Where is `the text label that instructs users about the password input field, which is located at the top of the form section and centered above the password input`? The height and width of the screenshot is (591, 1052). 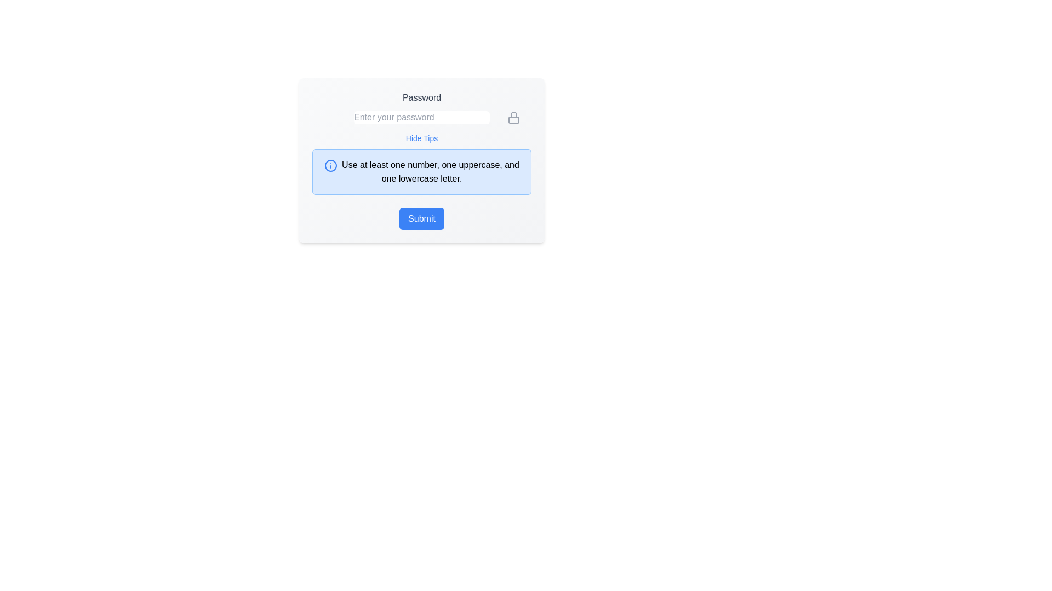
the text label that instructs users about the password input field, which is located at the top of the form section and centered above the password input is located at coordinates (421, 97).